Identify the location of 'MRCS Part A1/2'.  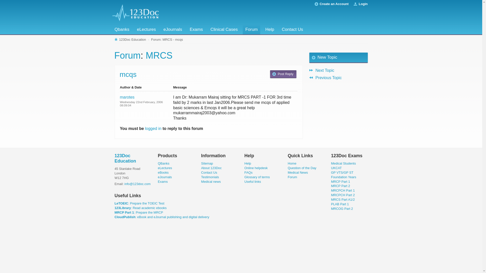
(343, 199).